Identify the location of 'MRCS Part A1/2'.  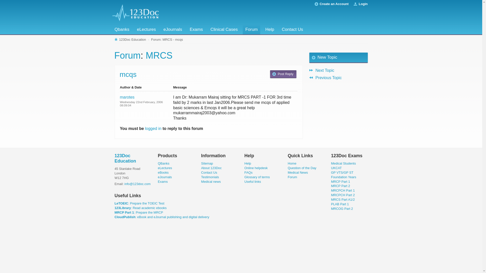
(343, 199).